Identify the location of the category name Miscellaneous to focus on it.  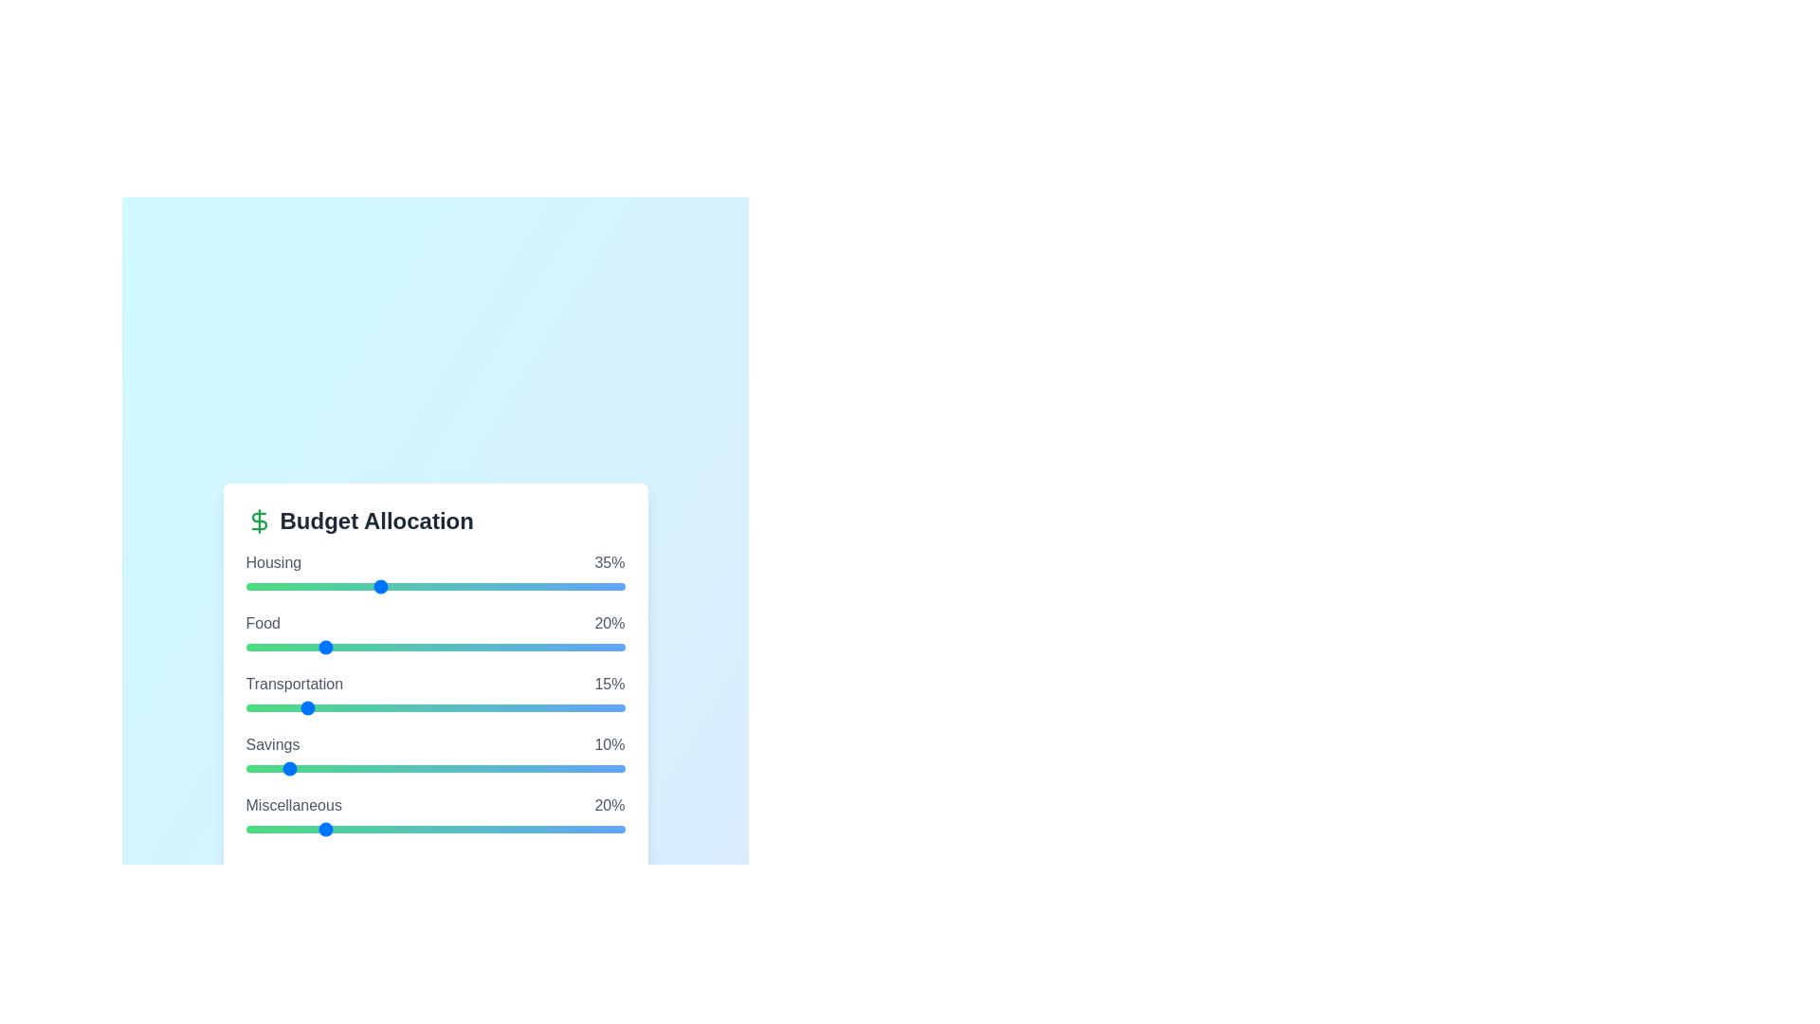
(293, 805).